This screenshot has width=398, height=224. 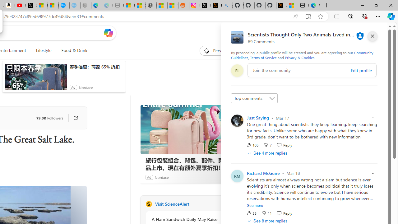 What do you see at coordinates (108, 33) in the screenshot?
I see `'Open Copilot'` at bounding box center [108, 33].